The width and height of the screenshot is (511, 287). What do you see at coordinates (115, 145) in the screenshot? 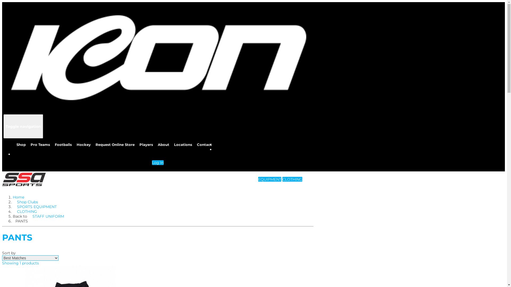
I see `'Request Online Store'` at bounding box center [115, 145].